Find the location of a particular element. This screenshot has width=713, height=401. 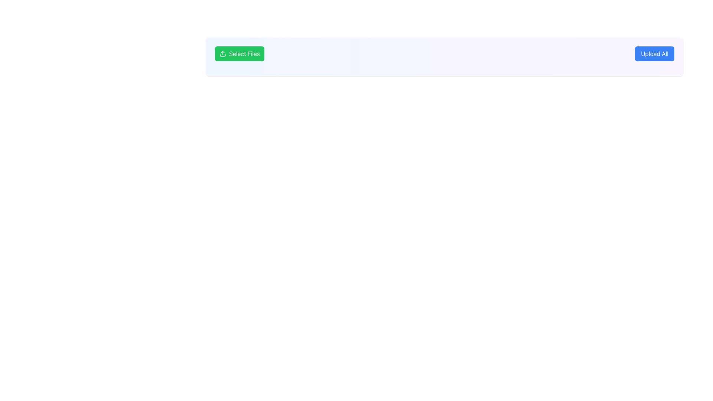

on the SVG Icon located inside the green rectangular button labeled 'Select Files', which serves as the upload indicator is located at coordinates (222, 53).